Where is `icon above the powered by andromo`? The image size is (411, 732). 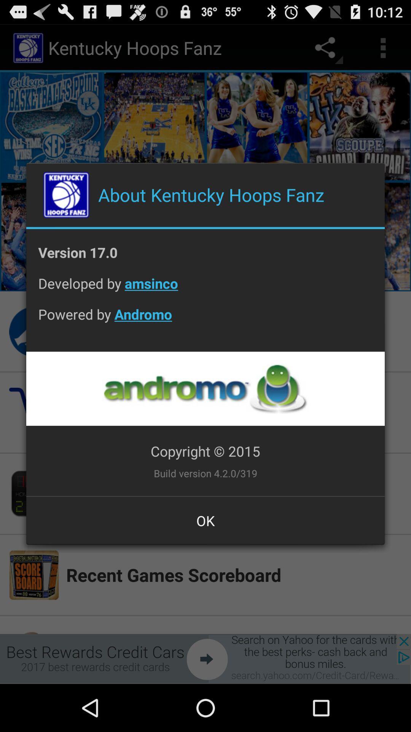 icon above the powered by andromo is located at coordinates (205, 289).